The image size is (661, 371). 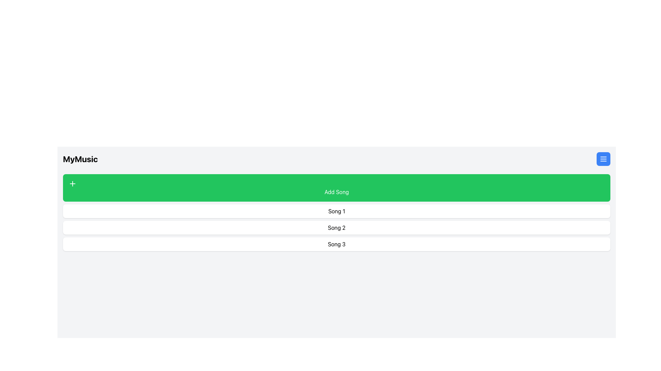 What do you see at coordinates (337, 188) in the screenshot?
I see `the bright green 'Add Song' button with a white '+' icon` at bounding box center [337, 188].